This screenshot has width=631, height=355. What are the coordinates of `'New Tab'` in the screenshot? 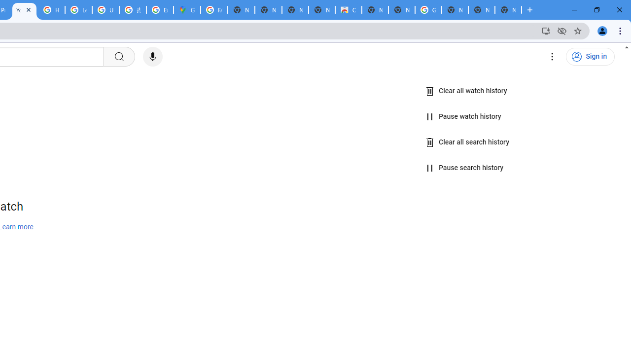 It's located at (508, 10).